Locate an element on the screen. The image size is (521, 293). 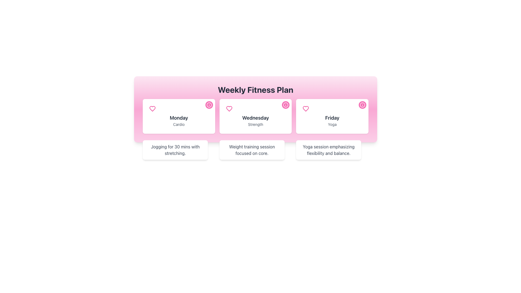
text from the center Text Block that contains 'Weight training session focused on core.' located beneath the 'Wednesday' card in the 'Weekly Fitness Plan' interface is located at coordinates (252, 150).